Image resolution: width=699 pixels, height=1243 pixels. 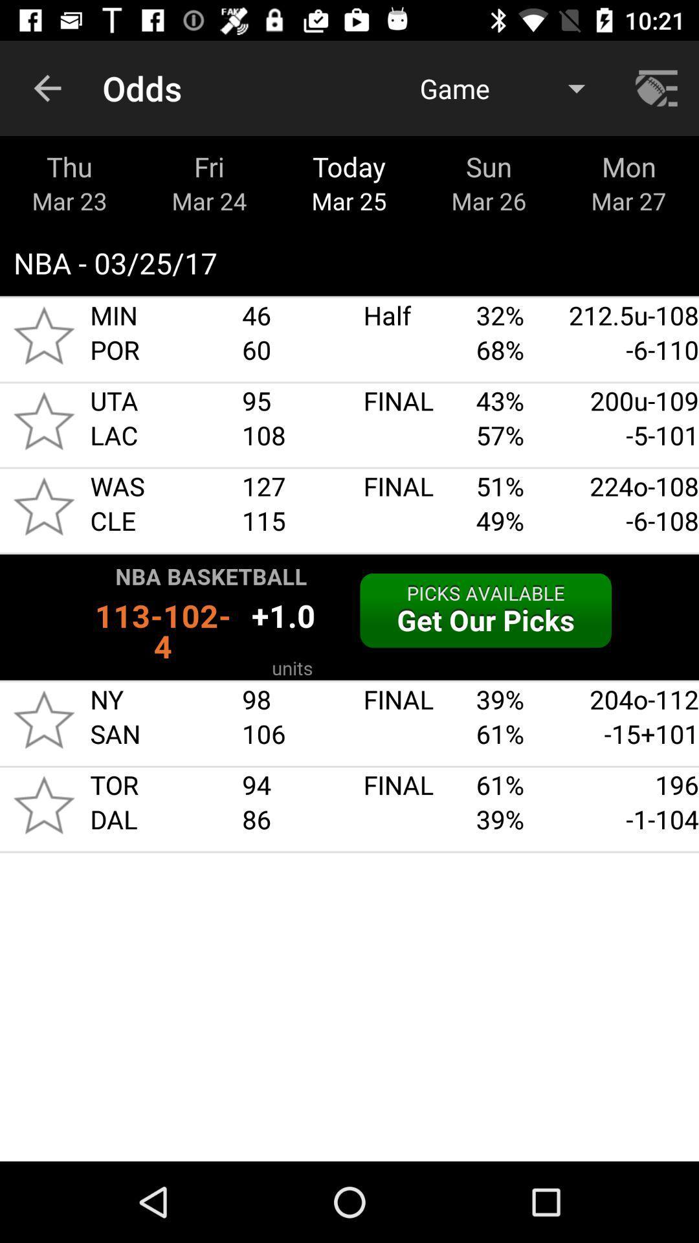 I want to click on reting, so click(x=43, y=421).